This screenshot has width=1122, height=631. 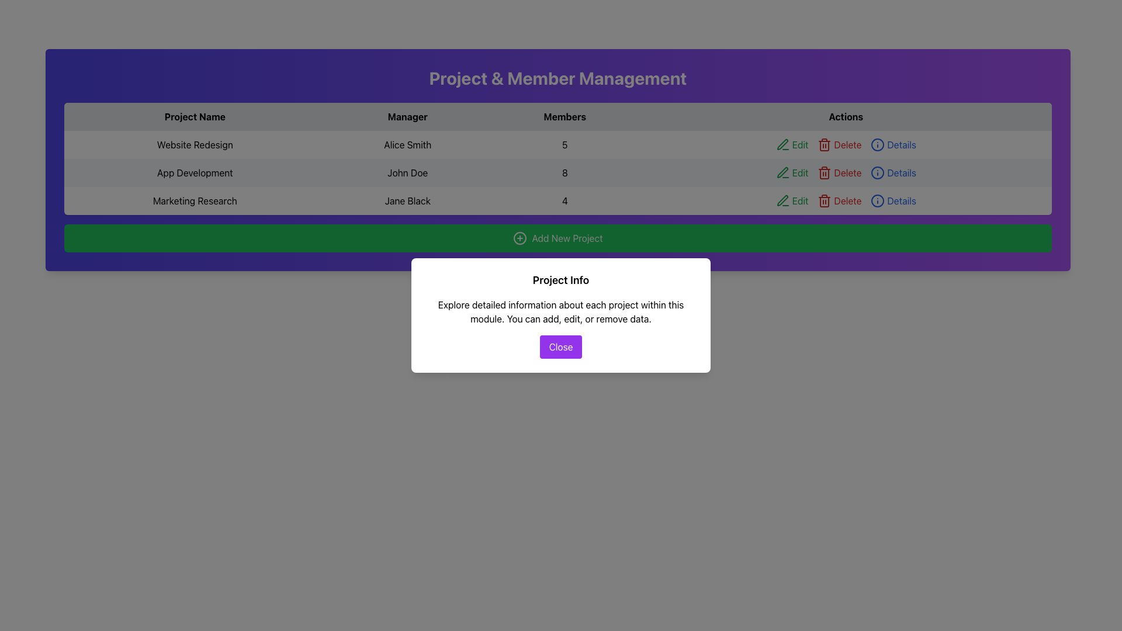 What do you see at coordinates (407, 144) in the screenshot?
I see `the static text label that displays the manager's name for the 'Website Redesign' project, located in the second column of the first row labeled 'Manager'` at bounding box center [407, 144].